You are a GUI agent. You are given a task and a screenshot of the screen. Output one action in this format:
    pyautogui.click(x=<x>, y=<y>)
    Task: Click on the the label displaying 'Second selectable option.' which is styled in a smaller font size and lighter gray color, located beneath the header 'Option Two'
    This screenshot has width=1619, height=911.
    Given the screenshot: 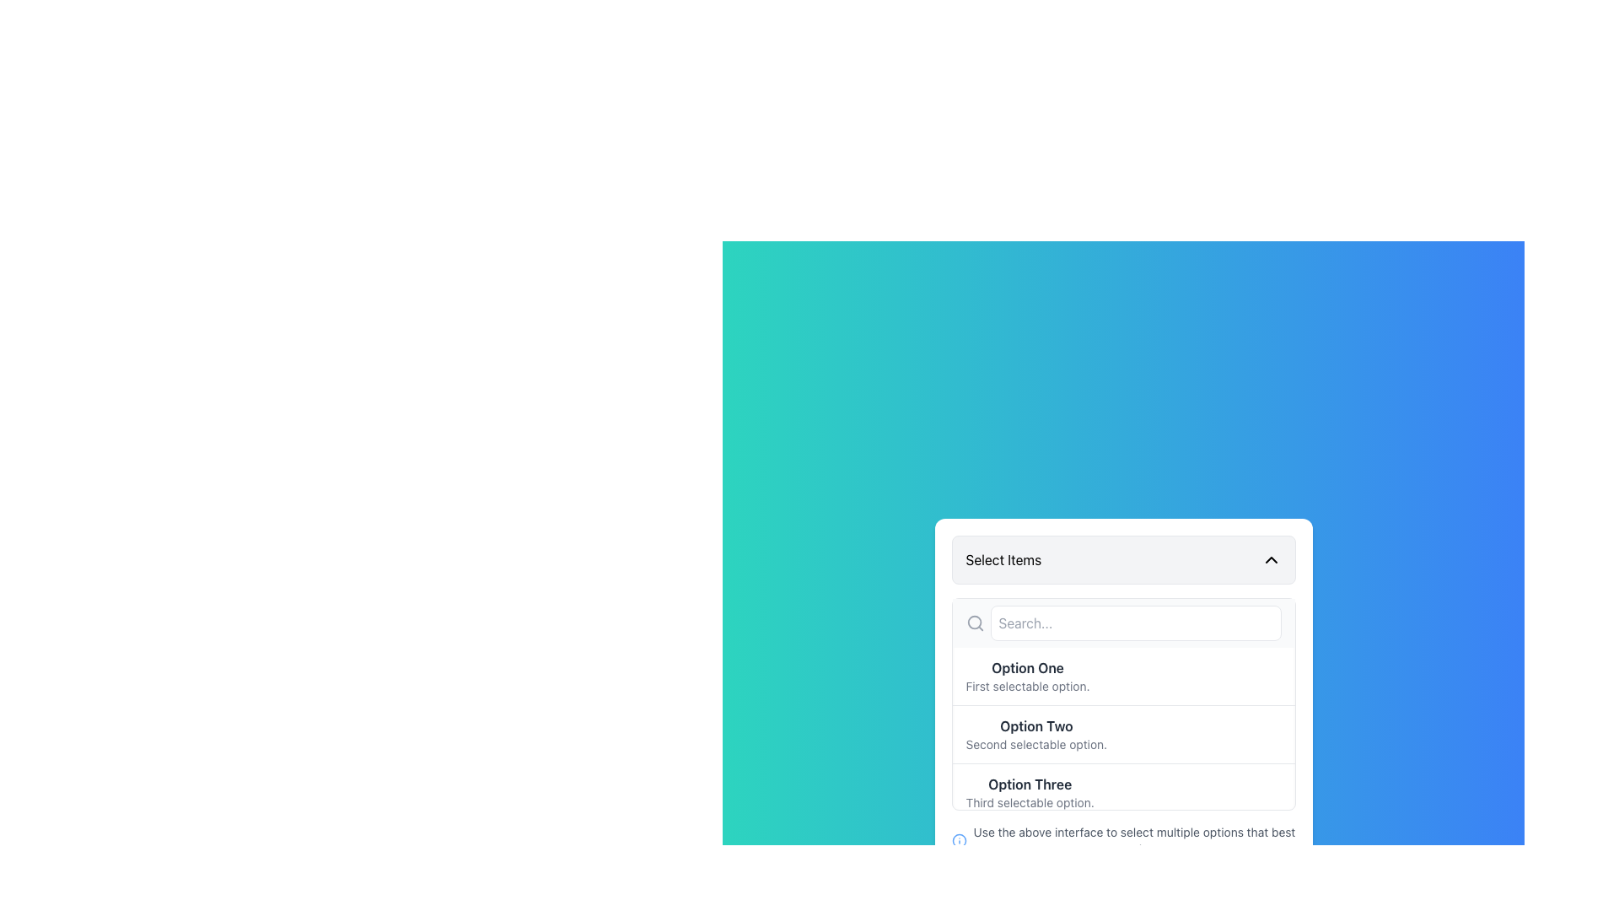 What is the action you would take?
    pyautogui.click(x=1035, y=744)
    